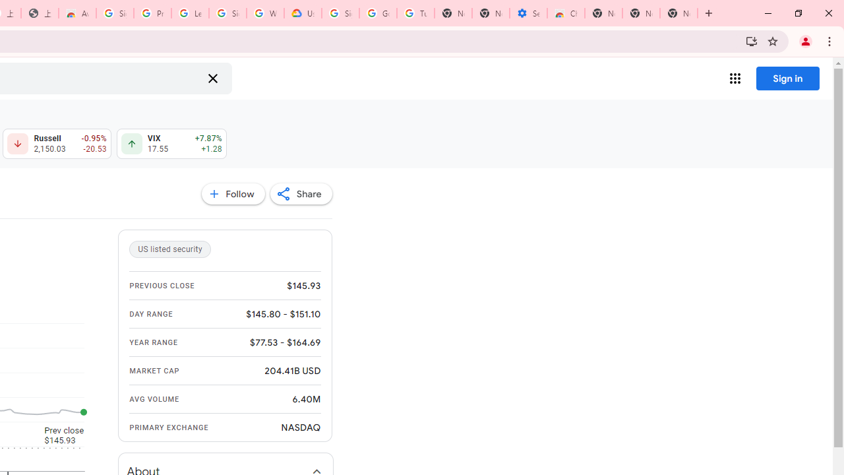  Describe the element at coordinates (212, 78) in the screenshot. I see `'Clear search'` at that location.